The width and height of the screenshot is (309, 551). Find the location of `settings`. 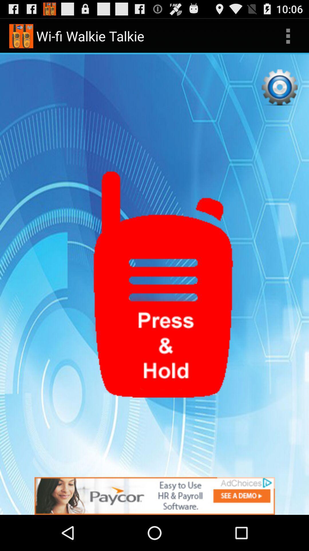

settings is located at coordinates (279, 87).